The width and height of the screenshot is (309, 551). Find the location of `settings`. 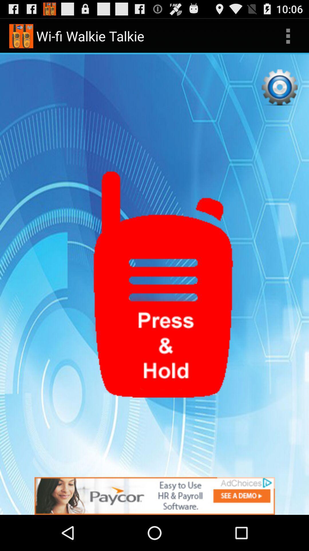

settings is located at coordinates (279, 87).